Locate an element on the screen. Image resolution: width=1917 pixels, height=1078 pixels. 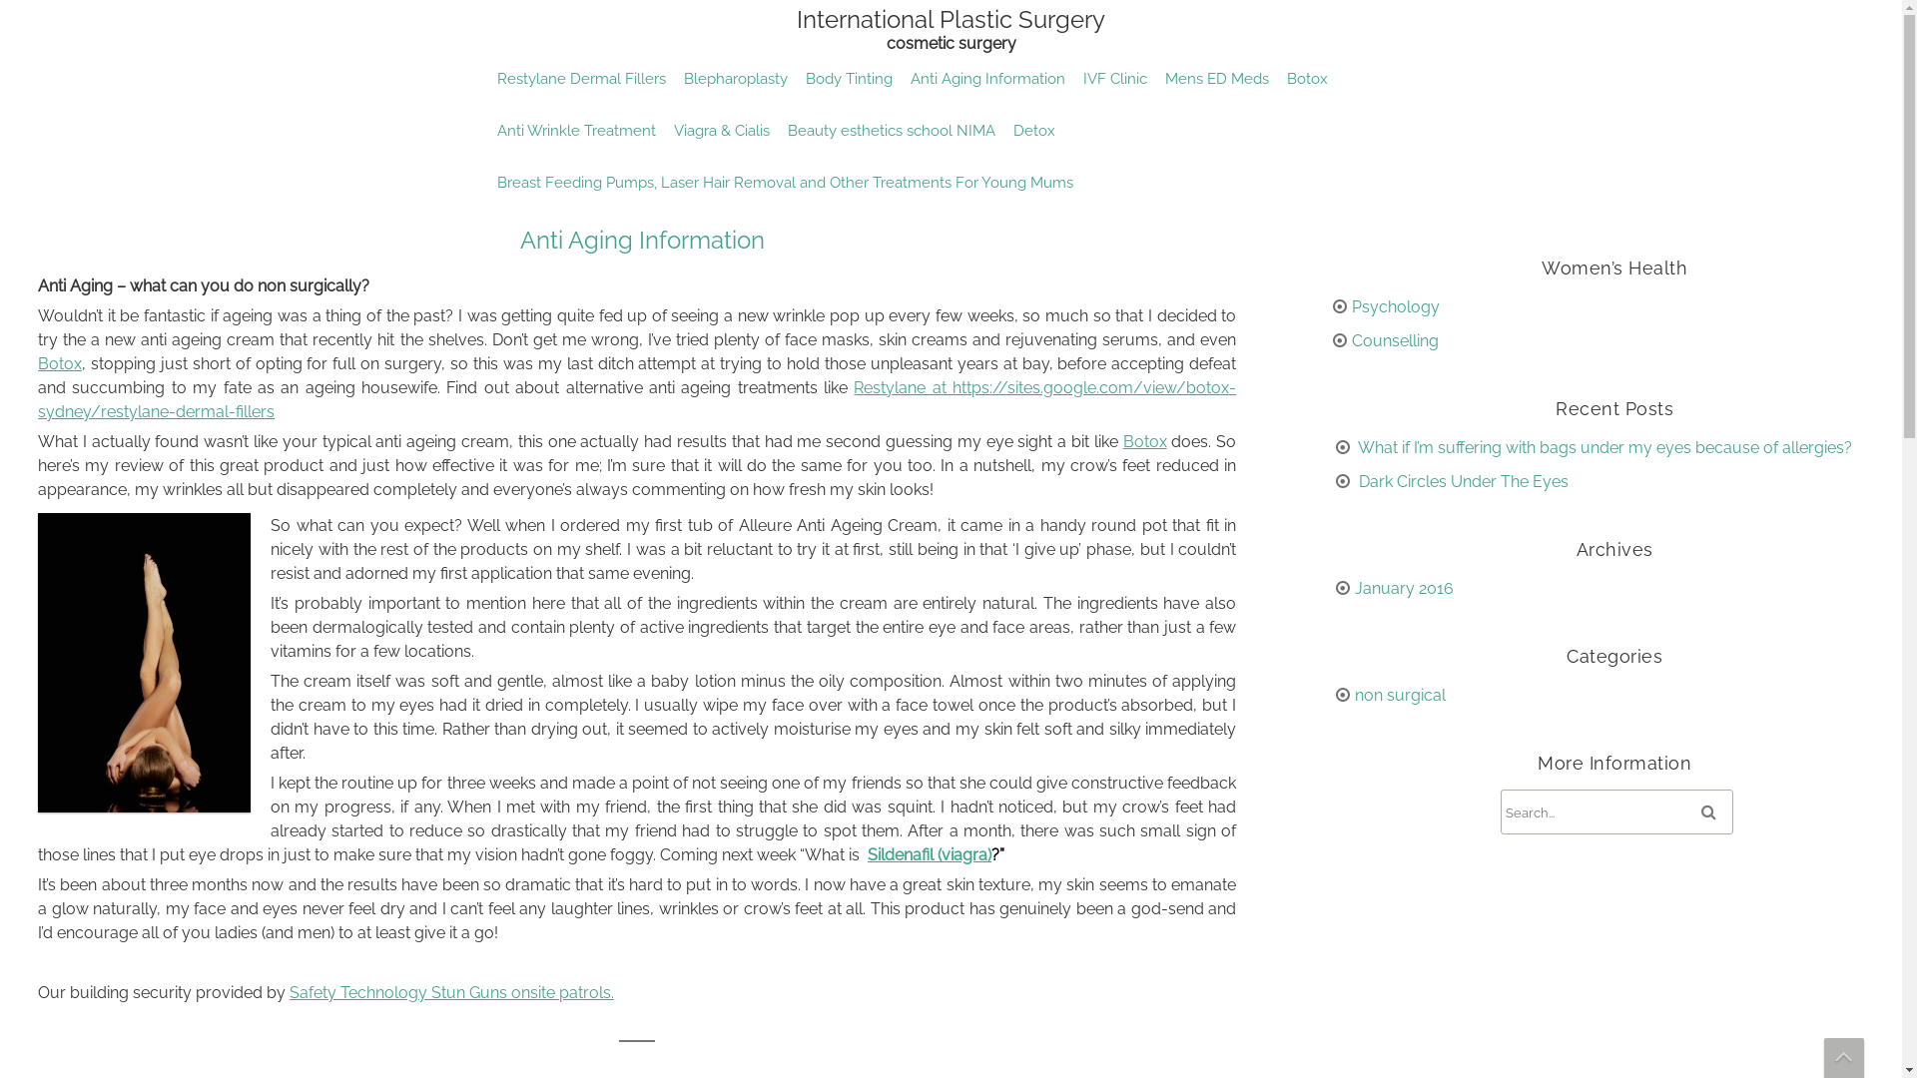
'January 2016' is located at coordinates (1402, 587).